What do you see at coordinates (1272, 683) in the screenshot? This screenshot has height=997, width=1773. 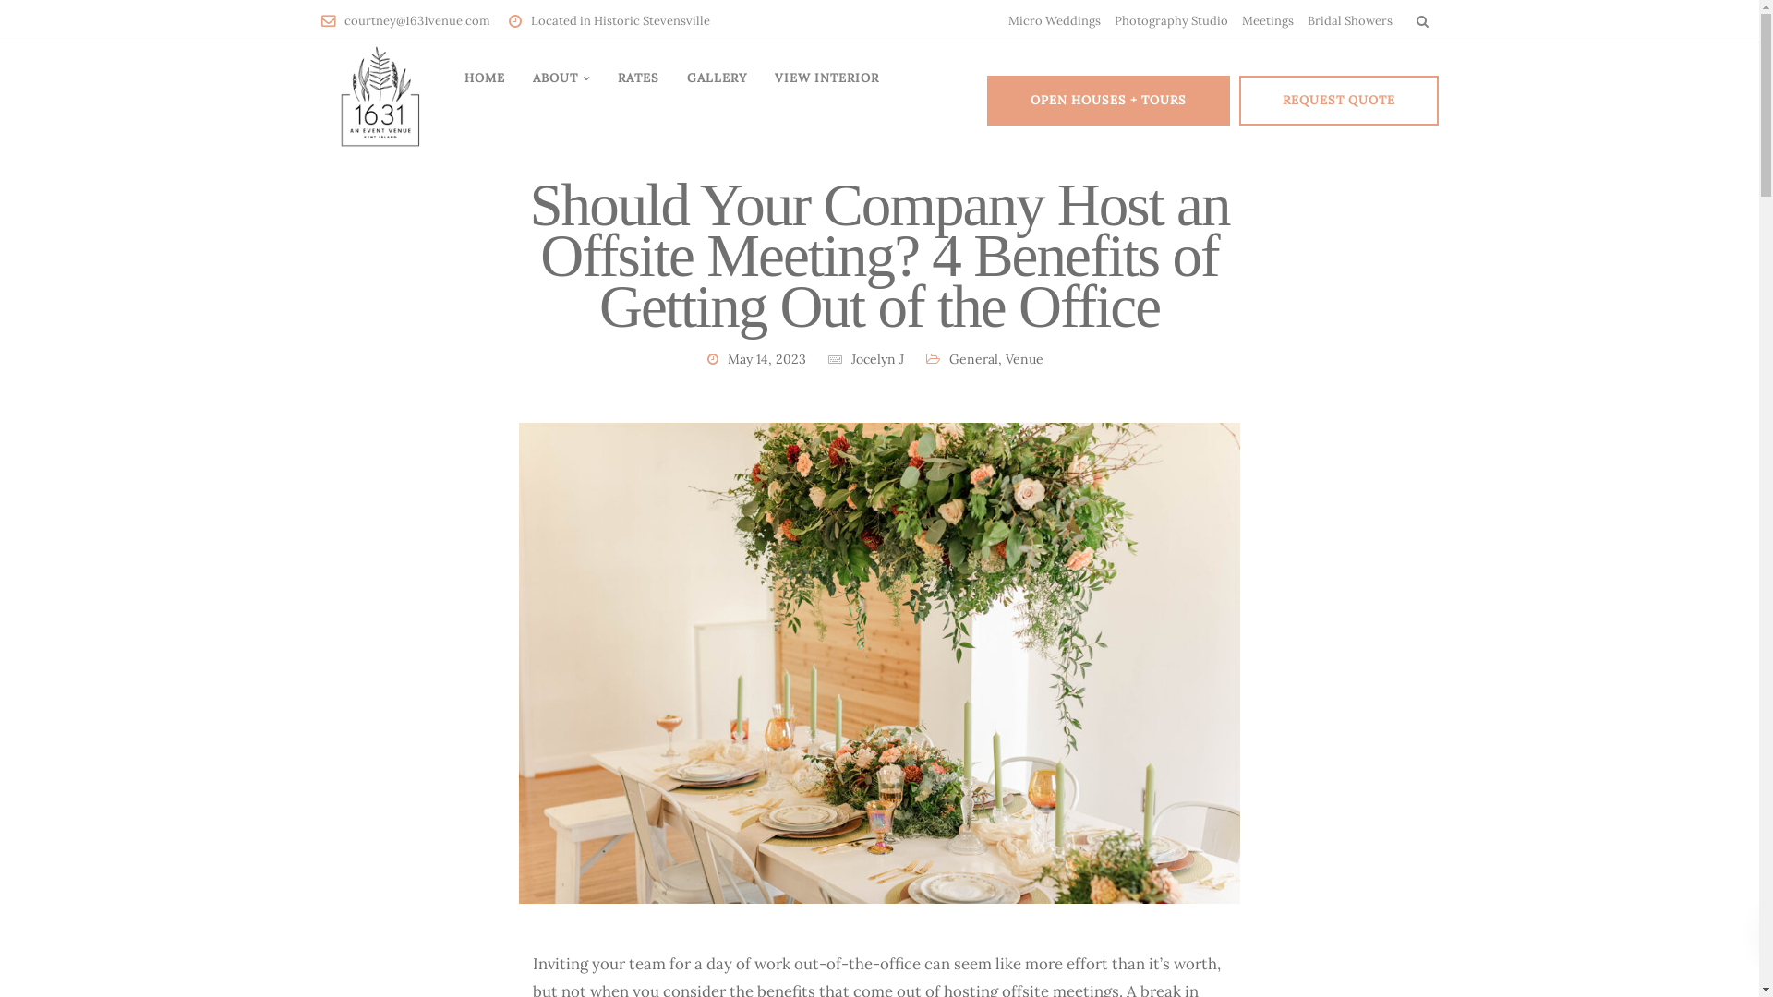 I see `'LINK TO GOOGLE DIRECTIONS'` at bounding box center [1272, 683].